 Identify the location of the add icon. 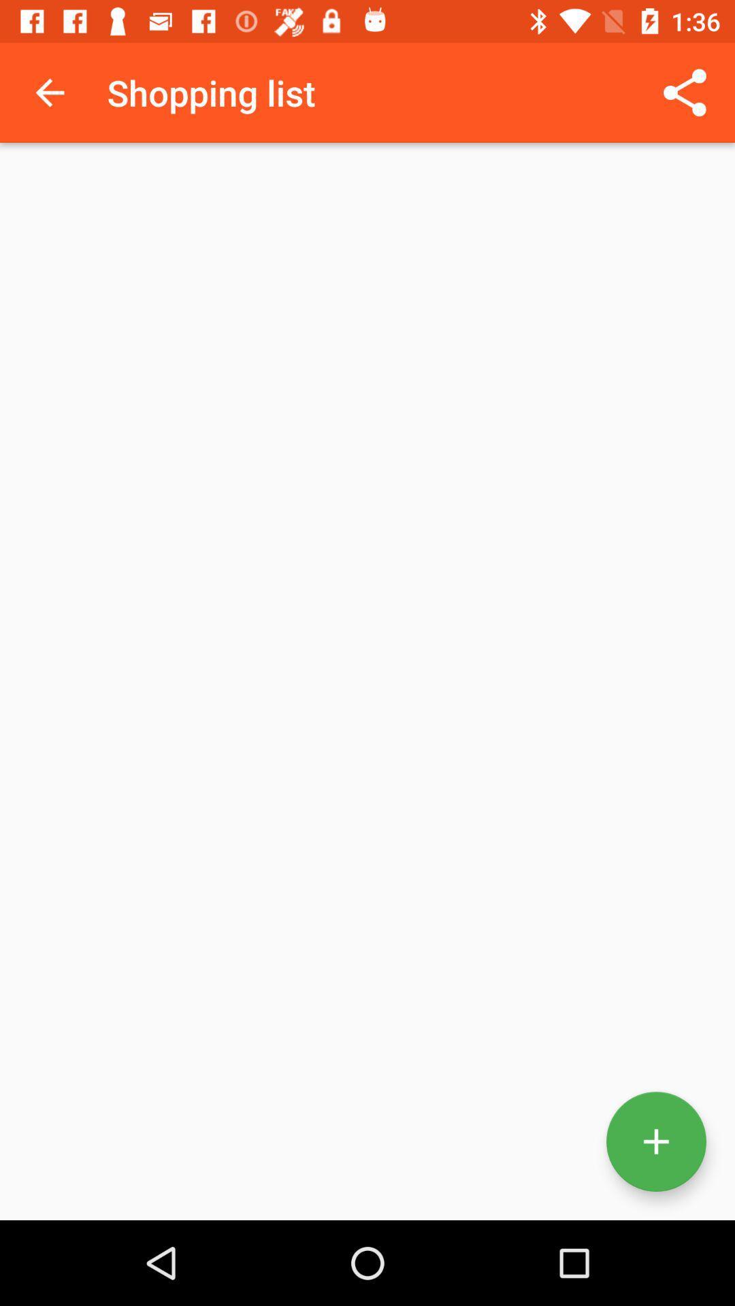
(655, 1141).